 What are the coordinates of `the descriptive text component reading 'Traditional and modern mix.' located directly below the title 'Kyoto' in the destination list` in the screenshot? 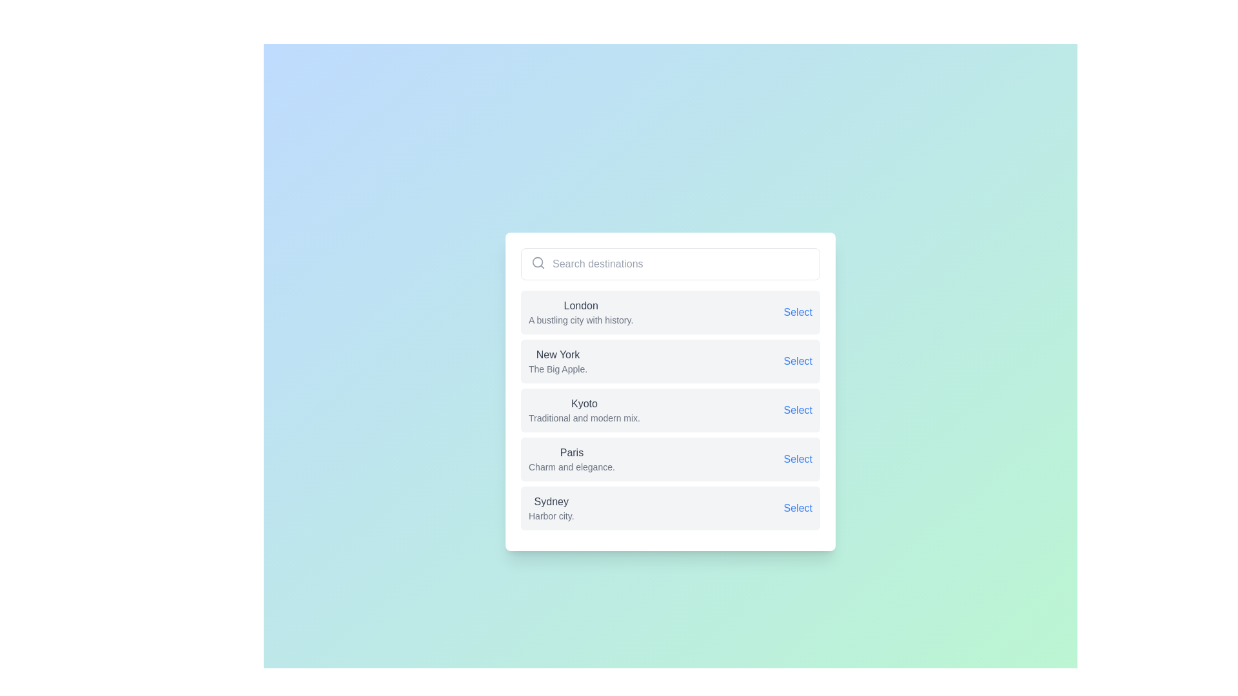 It's located at (584, 418).